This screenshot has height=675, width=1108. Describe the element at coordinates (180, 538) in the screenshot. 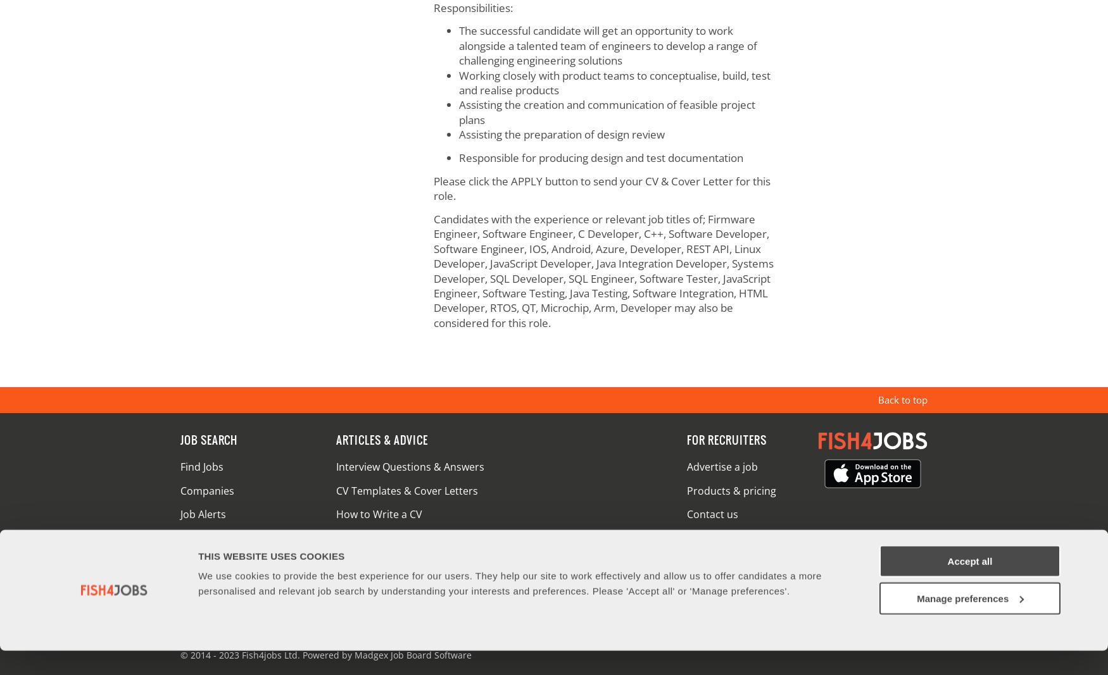

I see `'Upload CV'` at that location.